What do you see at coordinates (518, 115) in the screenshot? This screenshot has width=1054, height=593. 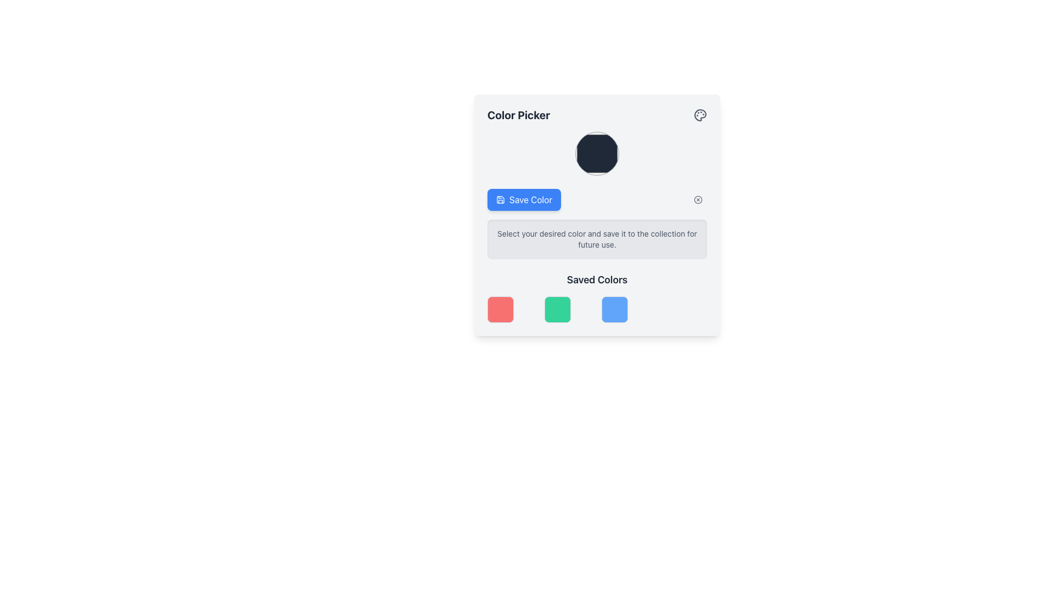 I see `the static text label indicating the purpose of the color selection tool` at bounding box center [518, 115].